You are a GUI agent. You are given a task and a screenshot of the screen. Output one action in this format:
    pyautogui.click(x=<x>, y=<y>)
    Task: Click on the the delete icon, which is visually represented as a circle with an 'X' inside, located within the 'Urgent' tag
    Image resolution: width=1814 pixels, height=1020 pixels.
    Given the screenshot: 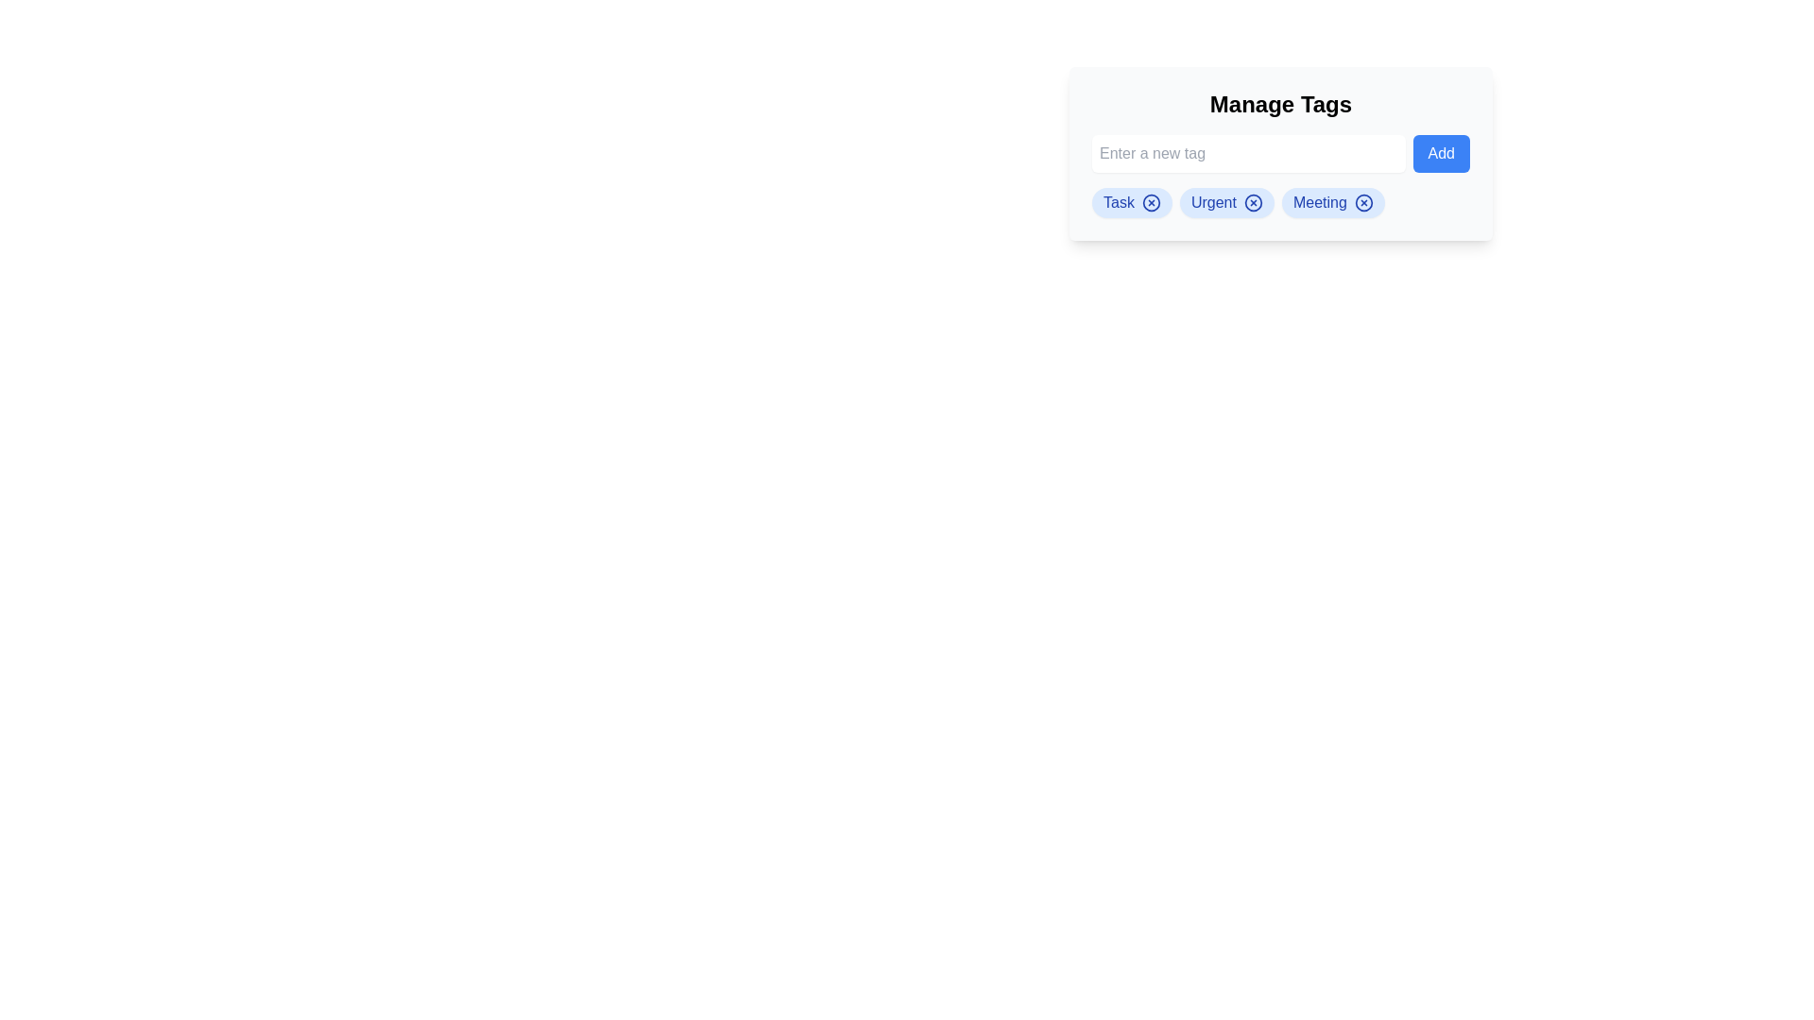 What is the action you would take?
    pyautogui.click(x=1253, y=203)
    